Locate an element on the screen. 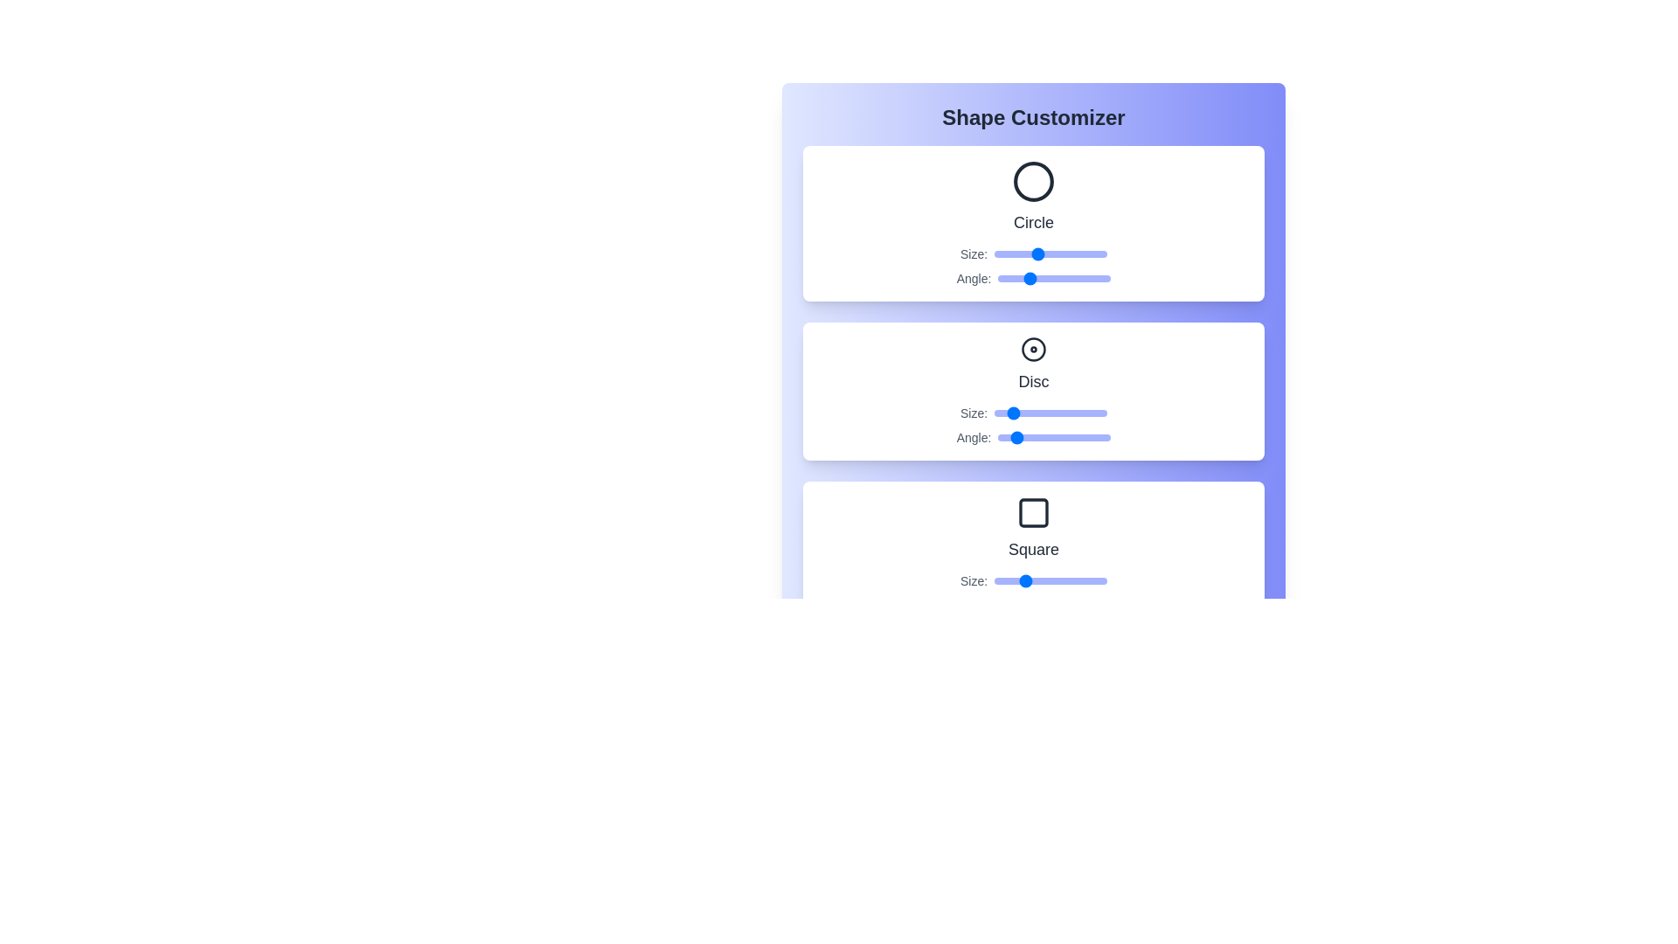  the angle of the Disc shape to 225 degrees is located at coordinates (1068, 437).